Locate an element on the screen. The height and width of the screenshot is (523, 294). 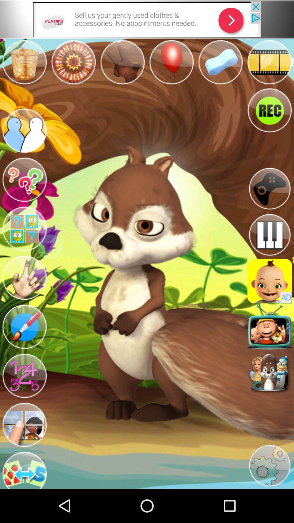
access settings is located at coordinates (269, 465).